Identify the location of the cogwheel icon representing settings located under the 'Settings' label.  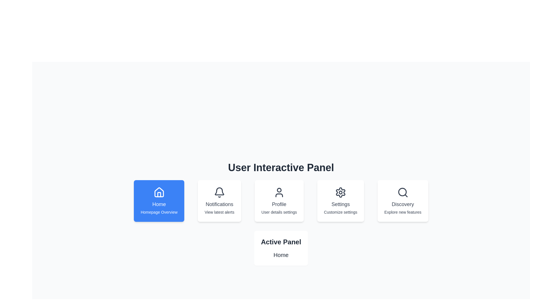
(340, 192).